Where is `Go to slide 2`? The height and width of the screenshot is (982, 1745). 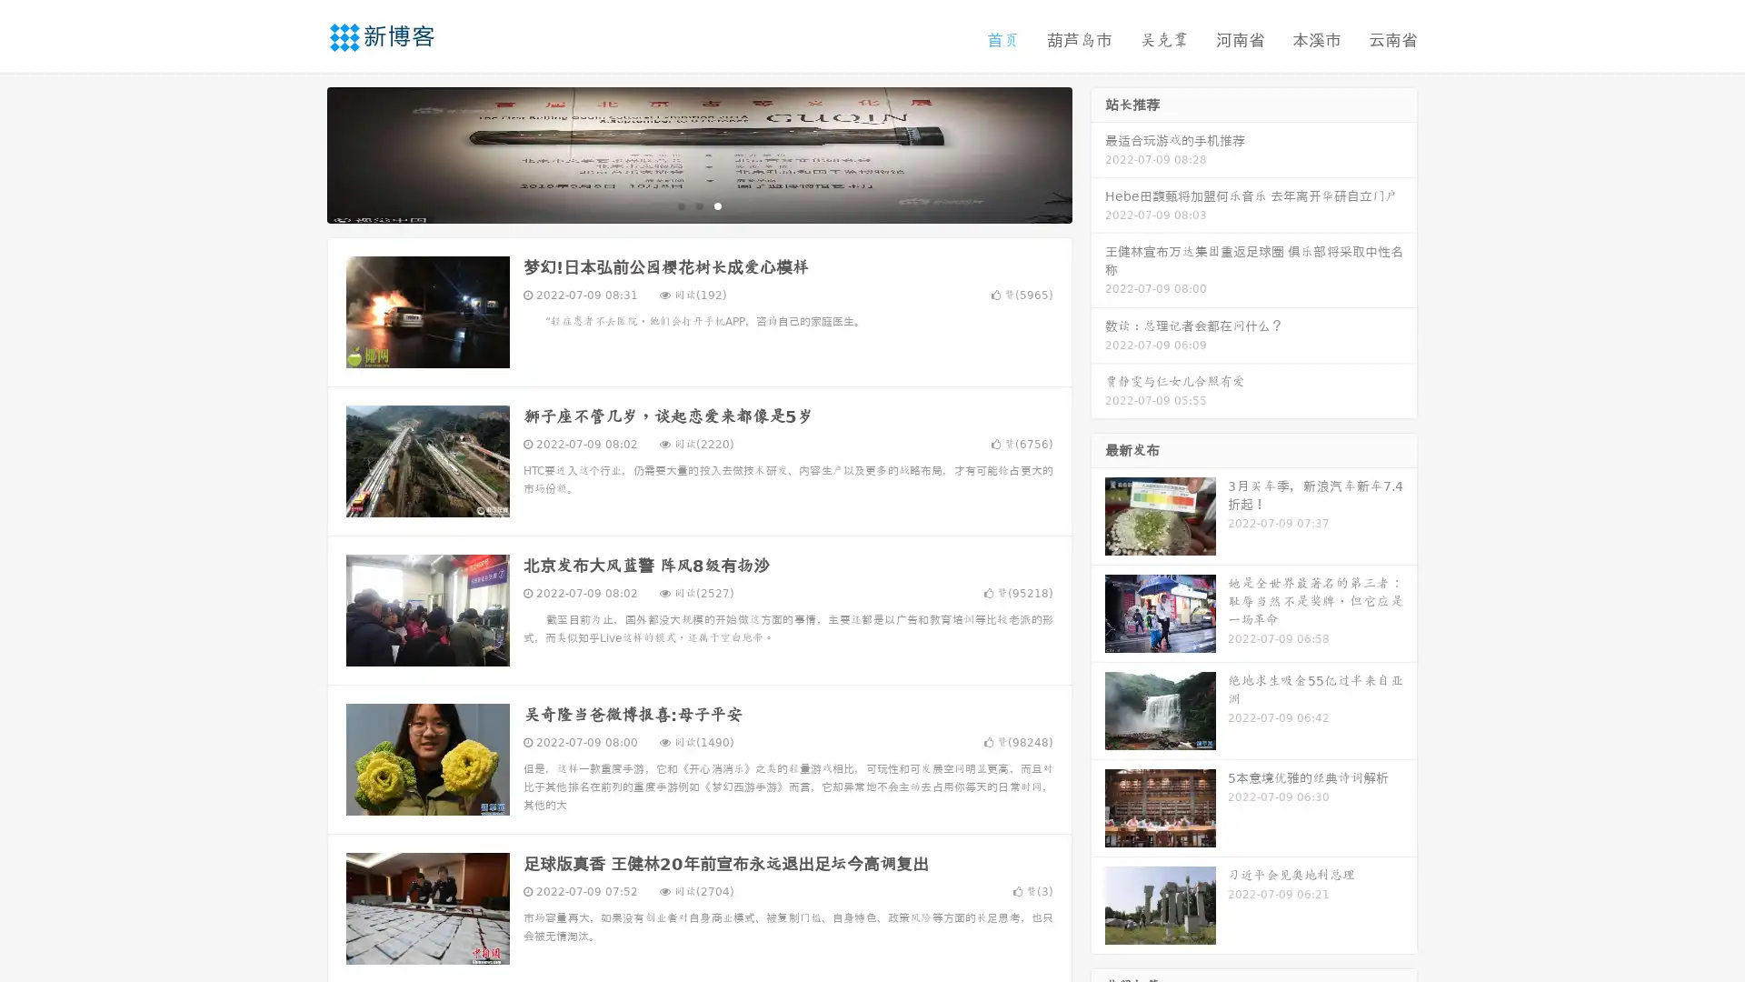 Go to slide 2 is located at coordinates (698, 205).